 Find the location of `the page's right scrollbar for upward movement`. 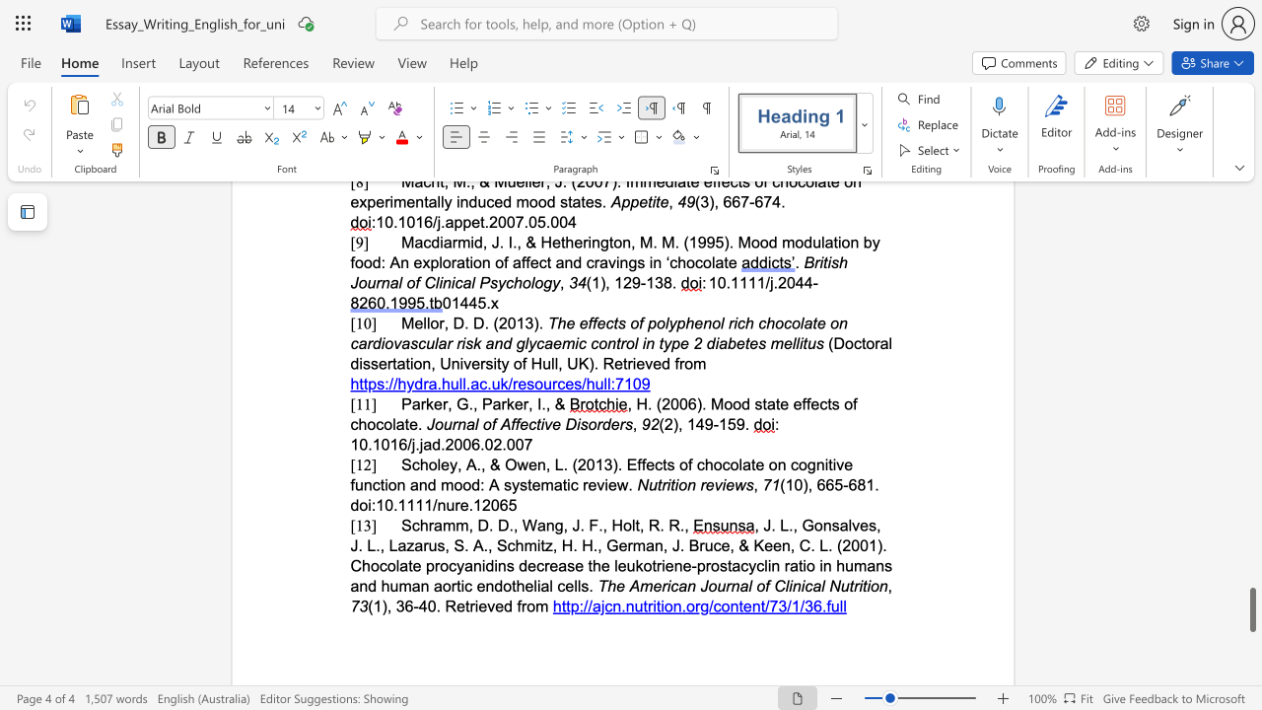

the page's right scrollbar for upward movement is located at coordinates (1251, 296).